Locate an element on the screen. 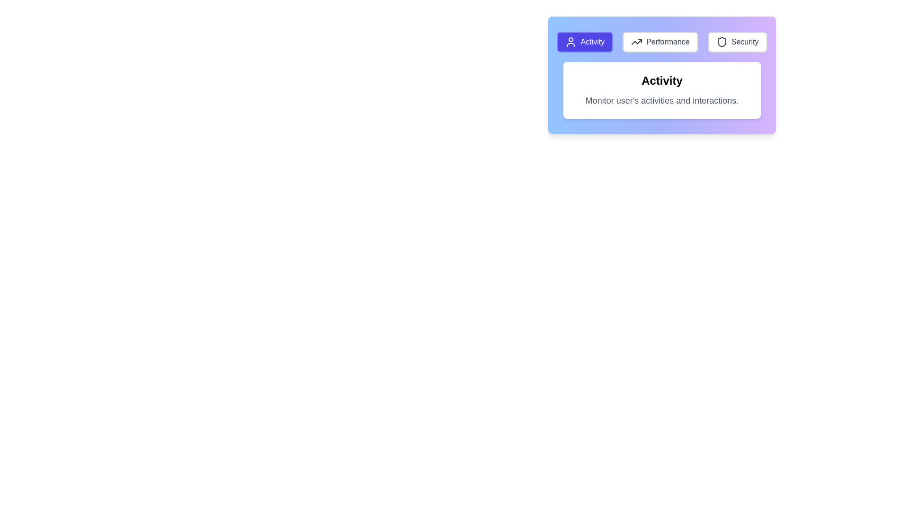 Image resolution: width=909 pixels, height=511 pixels. the 'Performance' button in the Navigation button group is located at coordinates (661, 41).